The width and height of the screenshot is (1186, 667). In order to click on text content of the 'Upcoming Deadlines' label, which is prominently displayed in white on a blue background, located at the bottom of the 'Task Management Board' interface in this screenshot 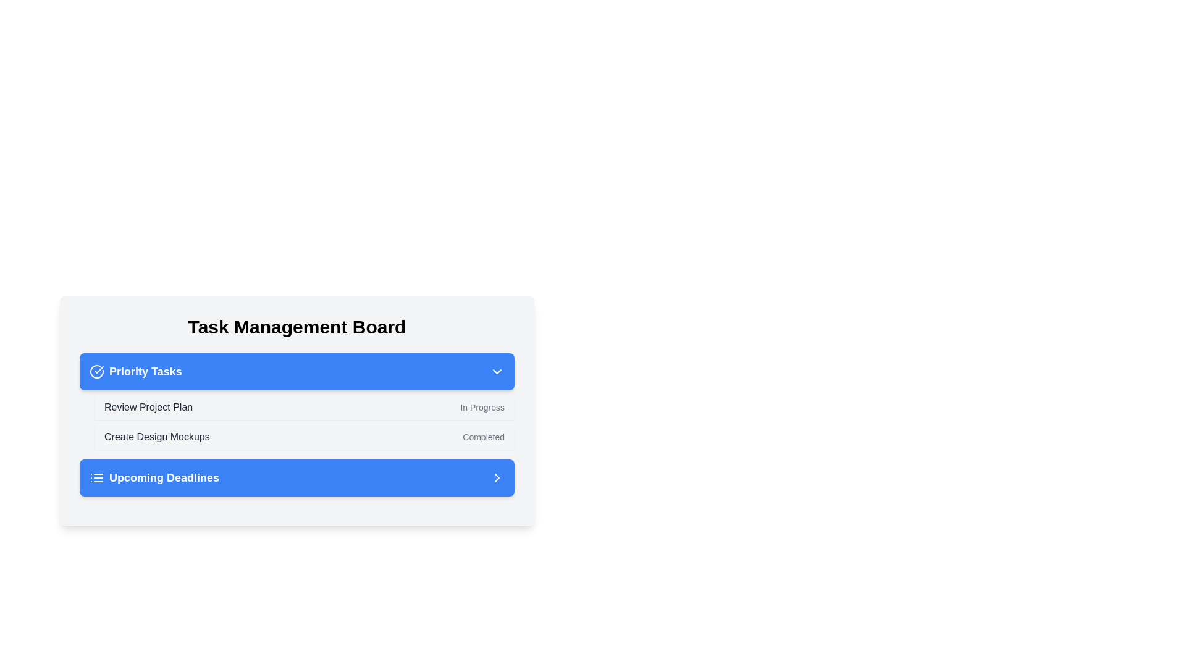, I will do `click(164, 477)`.